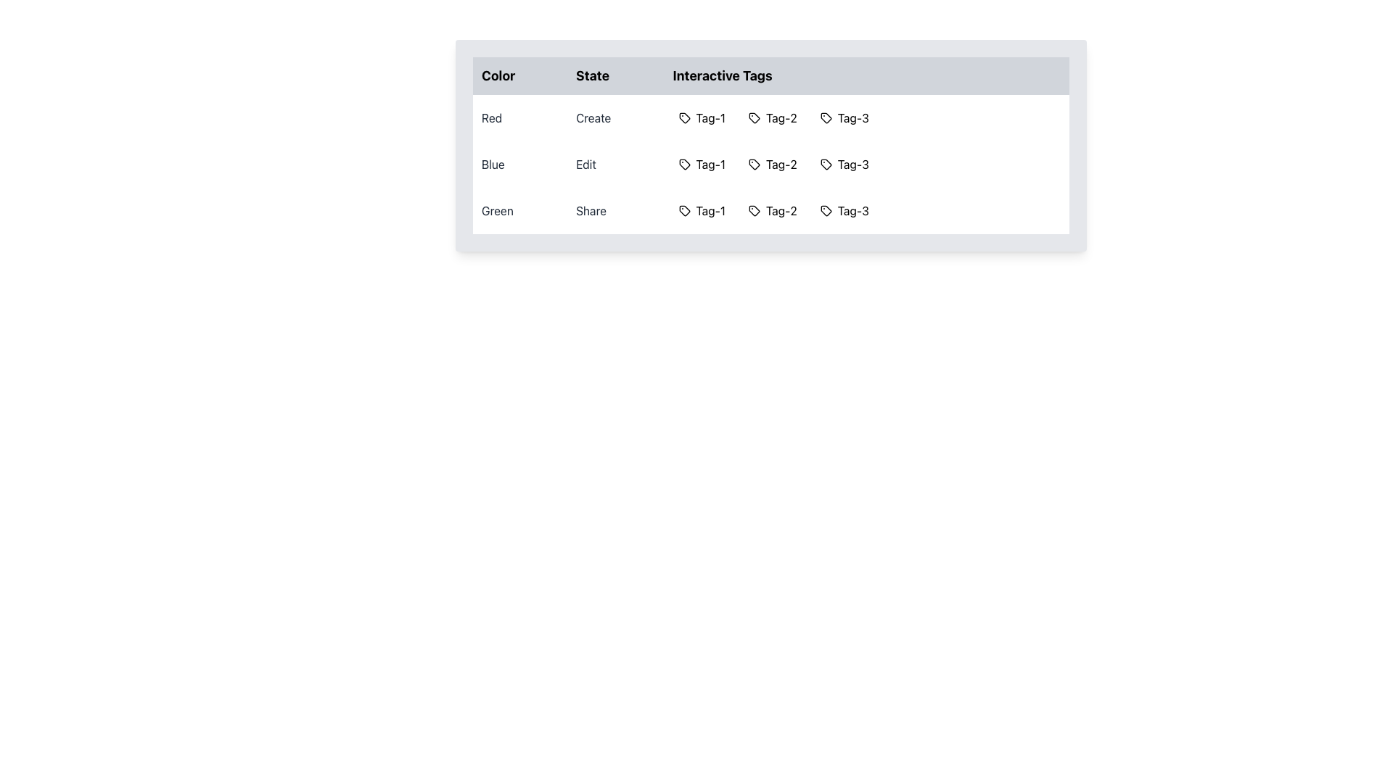 This screenshot has height=783, width=1393. Describe the element at coordinates (702, 117) in the screenshot. I see `the first interactive tag button in the 'Red' row under the 'Color' column` at that location.